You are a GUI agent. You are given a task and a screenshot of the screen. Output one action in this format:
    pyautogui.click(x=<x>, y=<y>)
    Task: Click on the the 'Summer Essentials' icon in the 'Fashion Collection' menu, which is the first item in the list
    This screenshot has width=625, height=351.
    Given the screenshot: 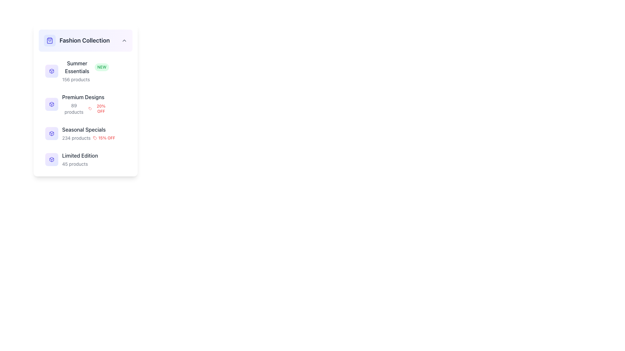 What is the action you would take?
    pyautogui.click(x=51, y=71)
    